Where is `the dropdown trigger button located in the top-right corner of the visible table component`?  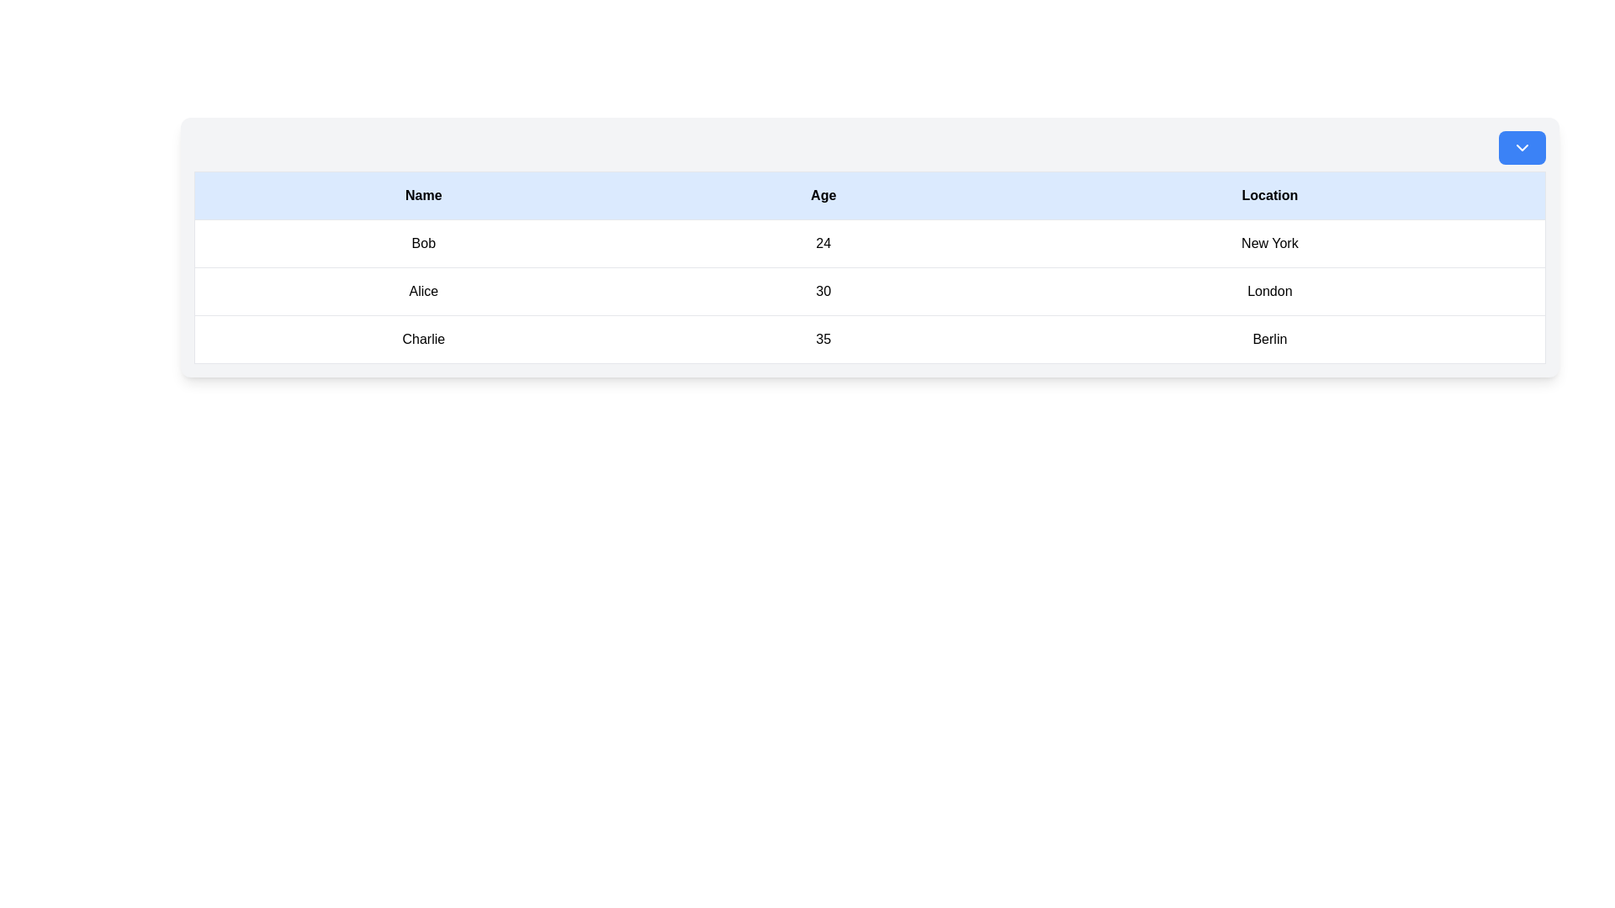 the dropdown trigger button located in the top-right corner of the visible table component is located at coordinates (1522, 147).